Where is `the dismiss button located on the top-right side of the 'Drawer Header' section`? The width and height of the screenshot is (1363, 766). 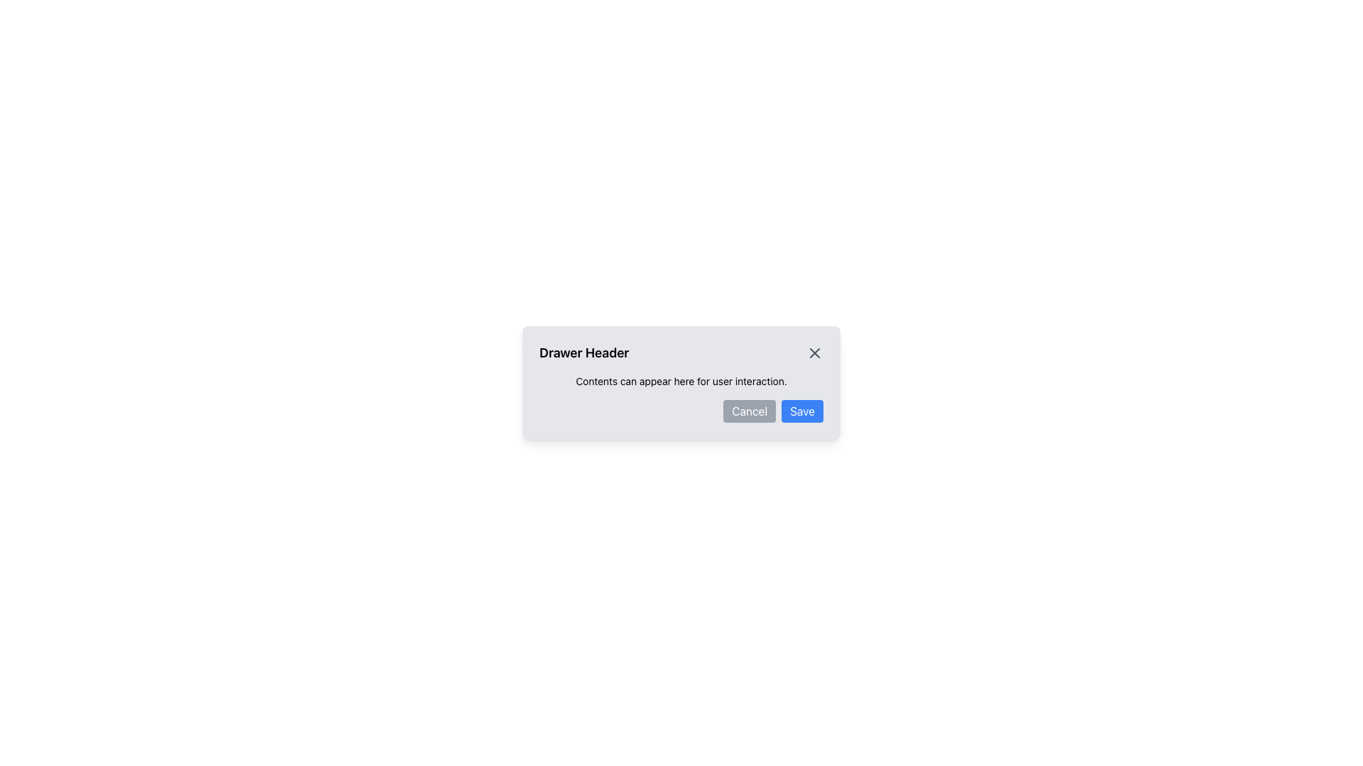
the dismiss button located on the top-right side of the 'Drawer Header' section is located at coordinates (814, 352).